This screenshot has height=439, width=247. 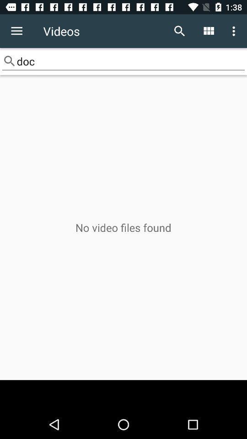 I want to click on icon above the no video files, so click(x=123, y=61).